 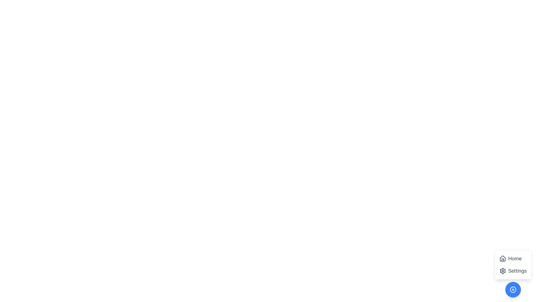 I want to click on the 'Home' text label in the vertical menu, which is positioned above the 'Settings' option and accompanied by a house icon, so click(x=515, y=259).